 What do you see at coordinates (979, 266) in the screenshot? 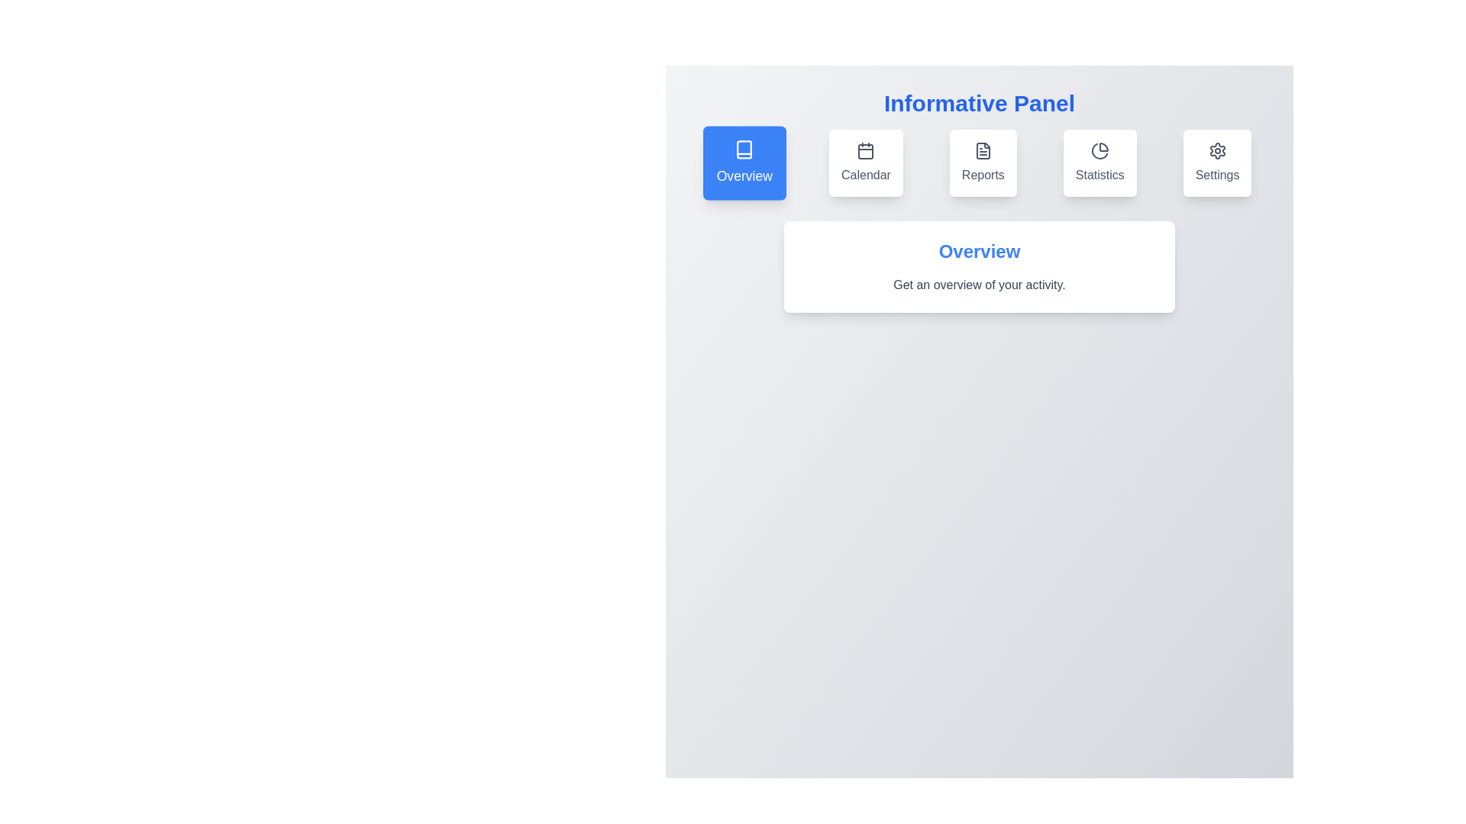
I see `the Information Panel which contains the title 'Overview' in blue and a description in gray, located centrally below the navigation icons` at bounding box center [979, 266].